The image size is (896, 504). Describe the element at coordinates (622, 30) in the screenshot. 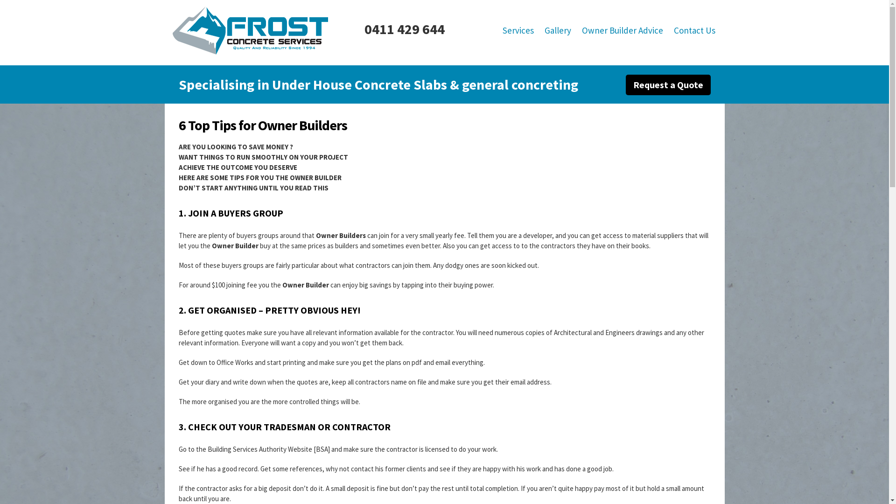

I see `'Owner Builder Advice'` at that location.